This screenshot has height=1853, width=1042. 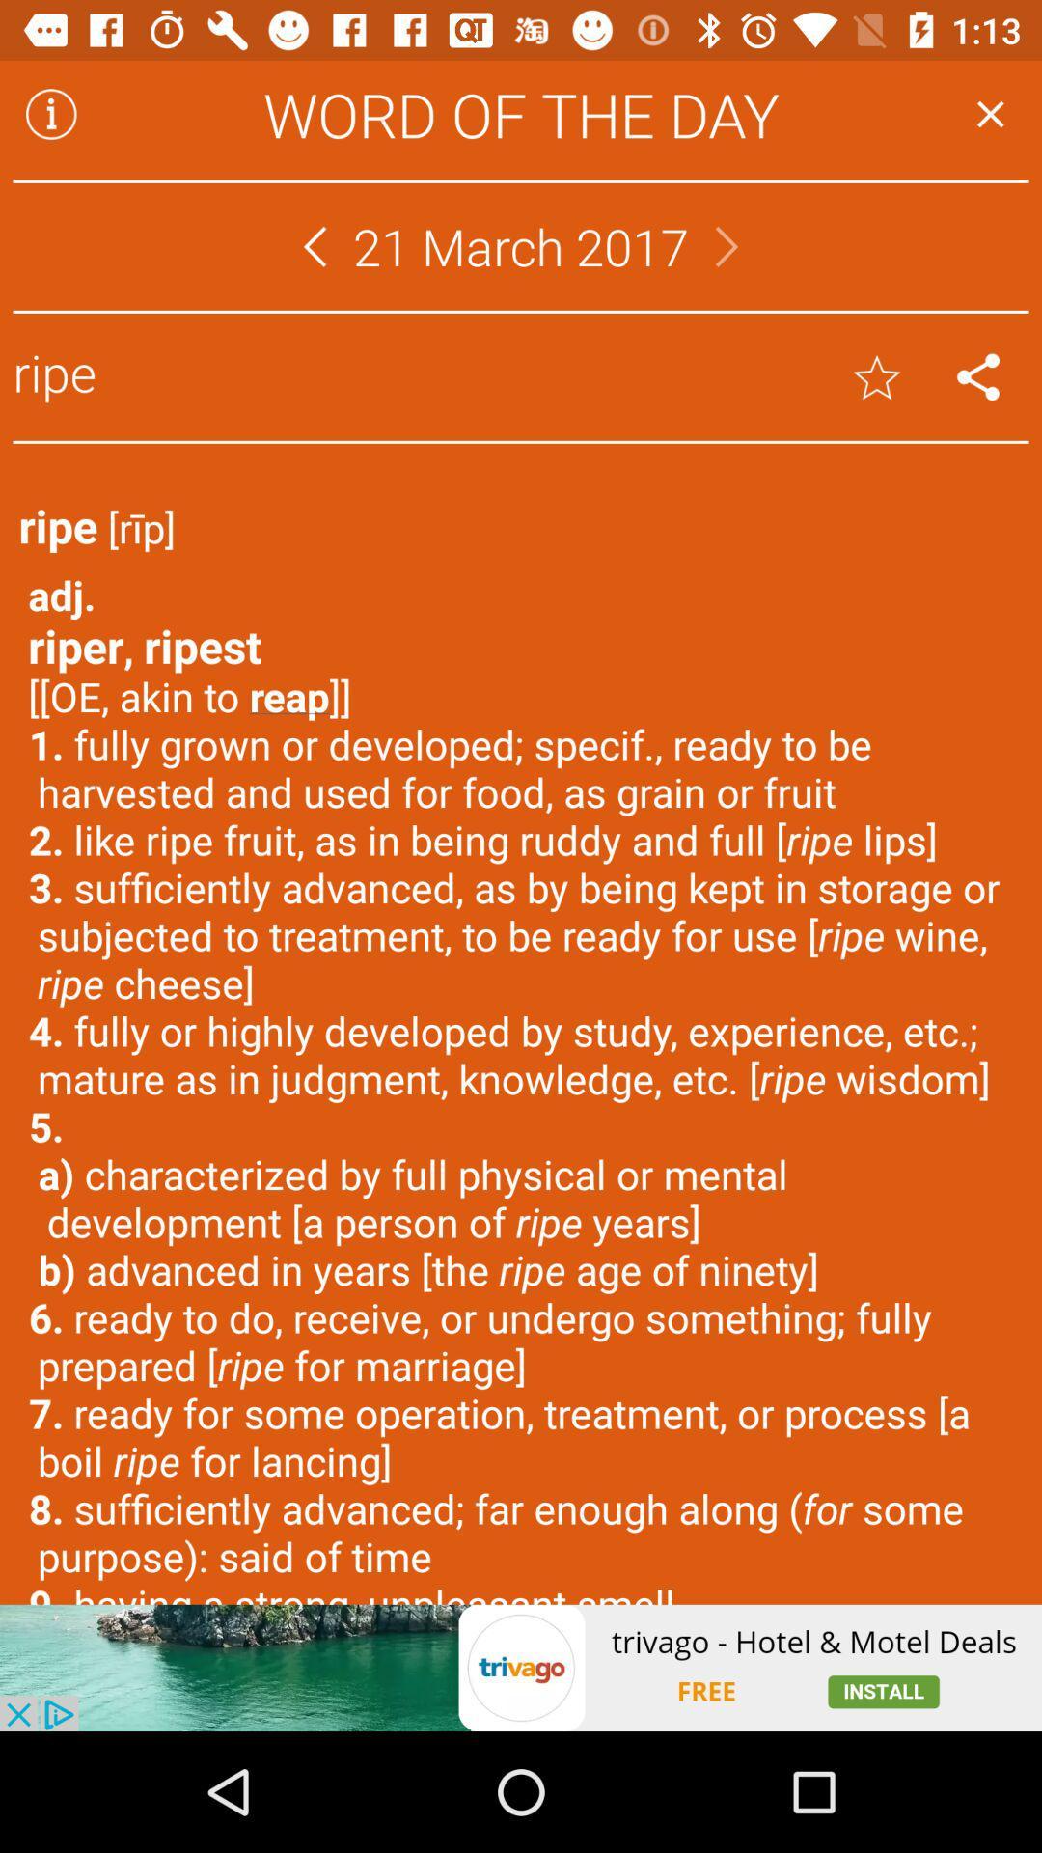 I want to click on go back, so click(x=314, y=245).